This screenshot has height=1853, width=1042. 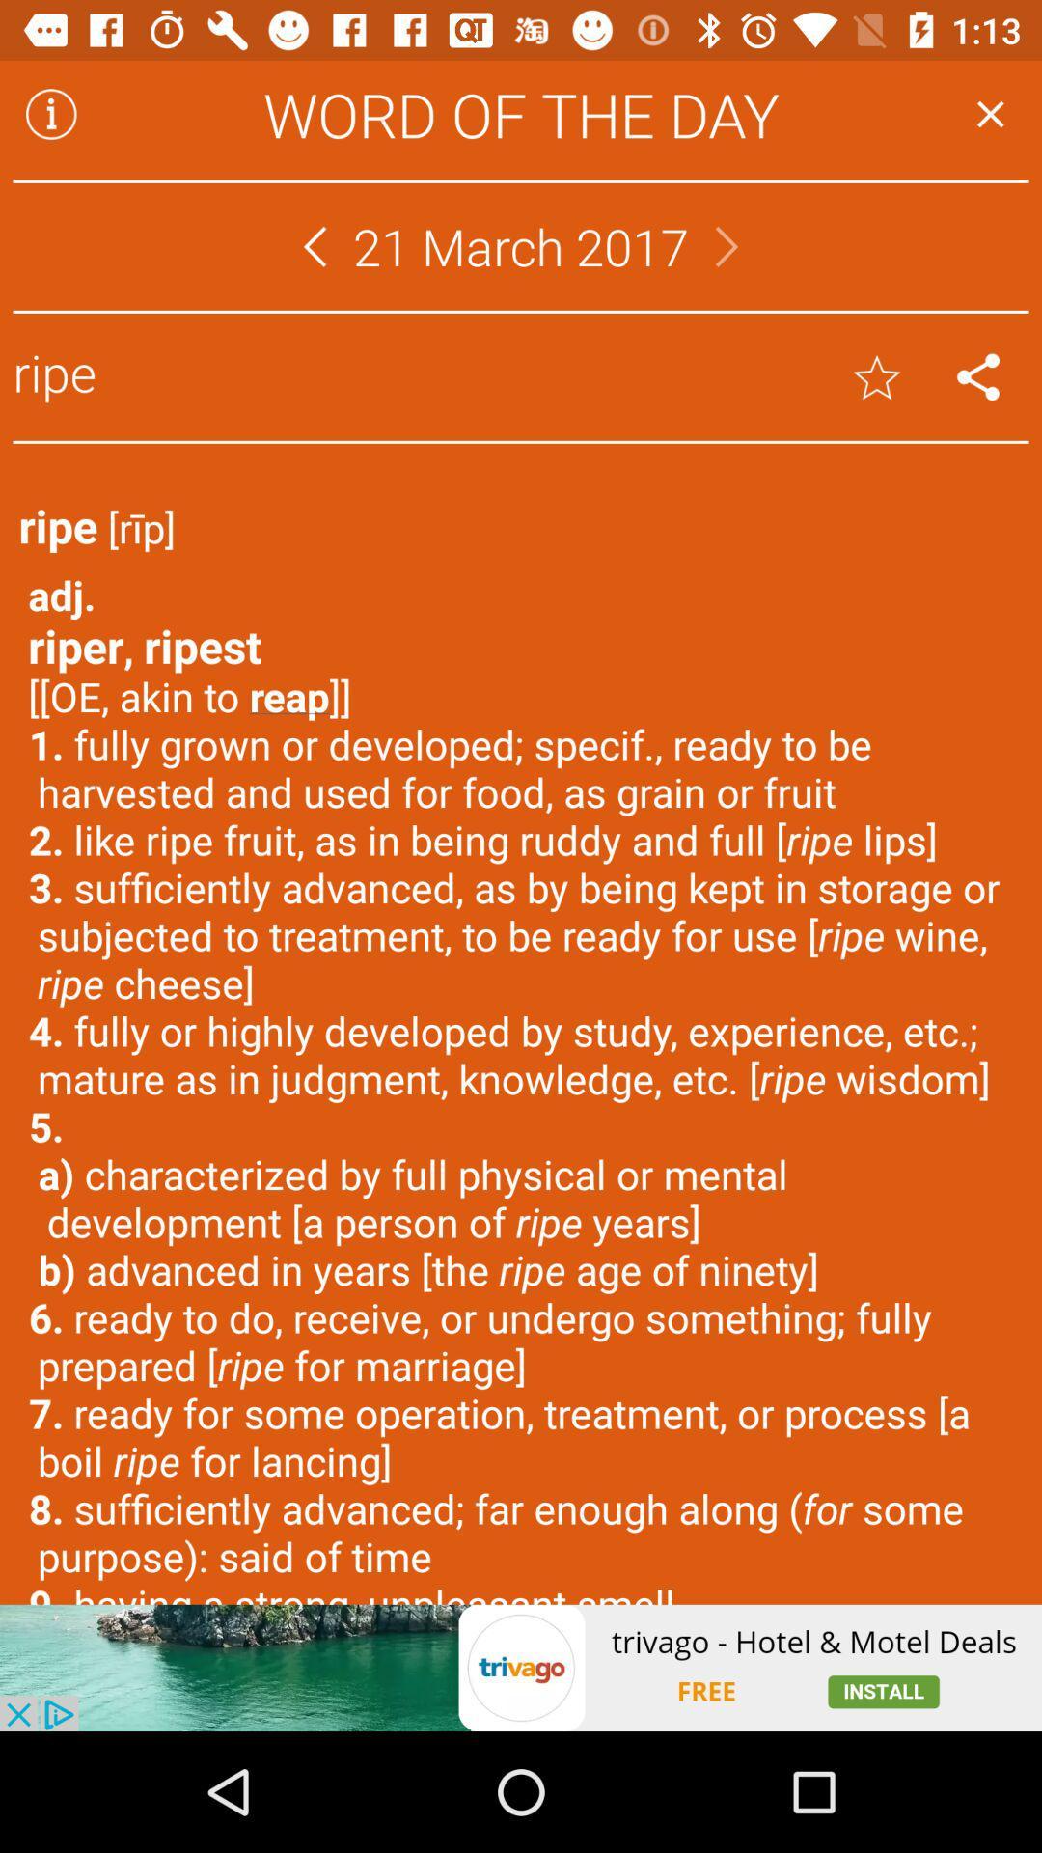 I want to click on go back, so click(x=314, y=245).